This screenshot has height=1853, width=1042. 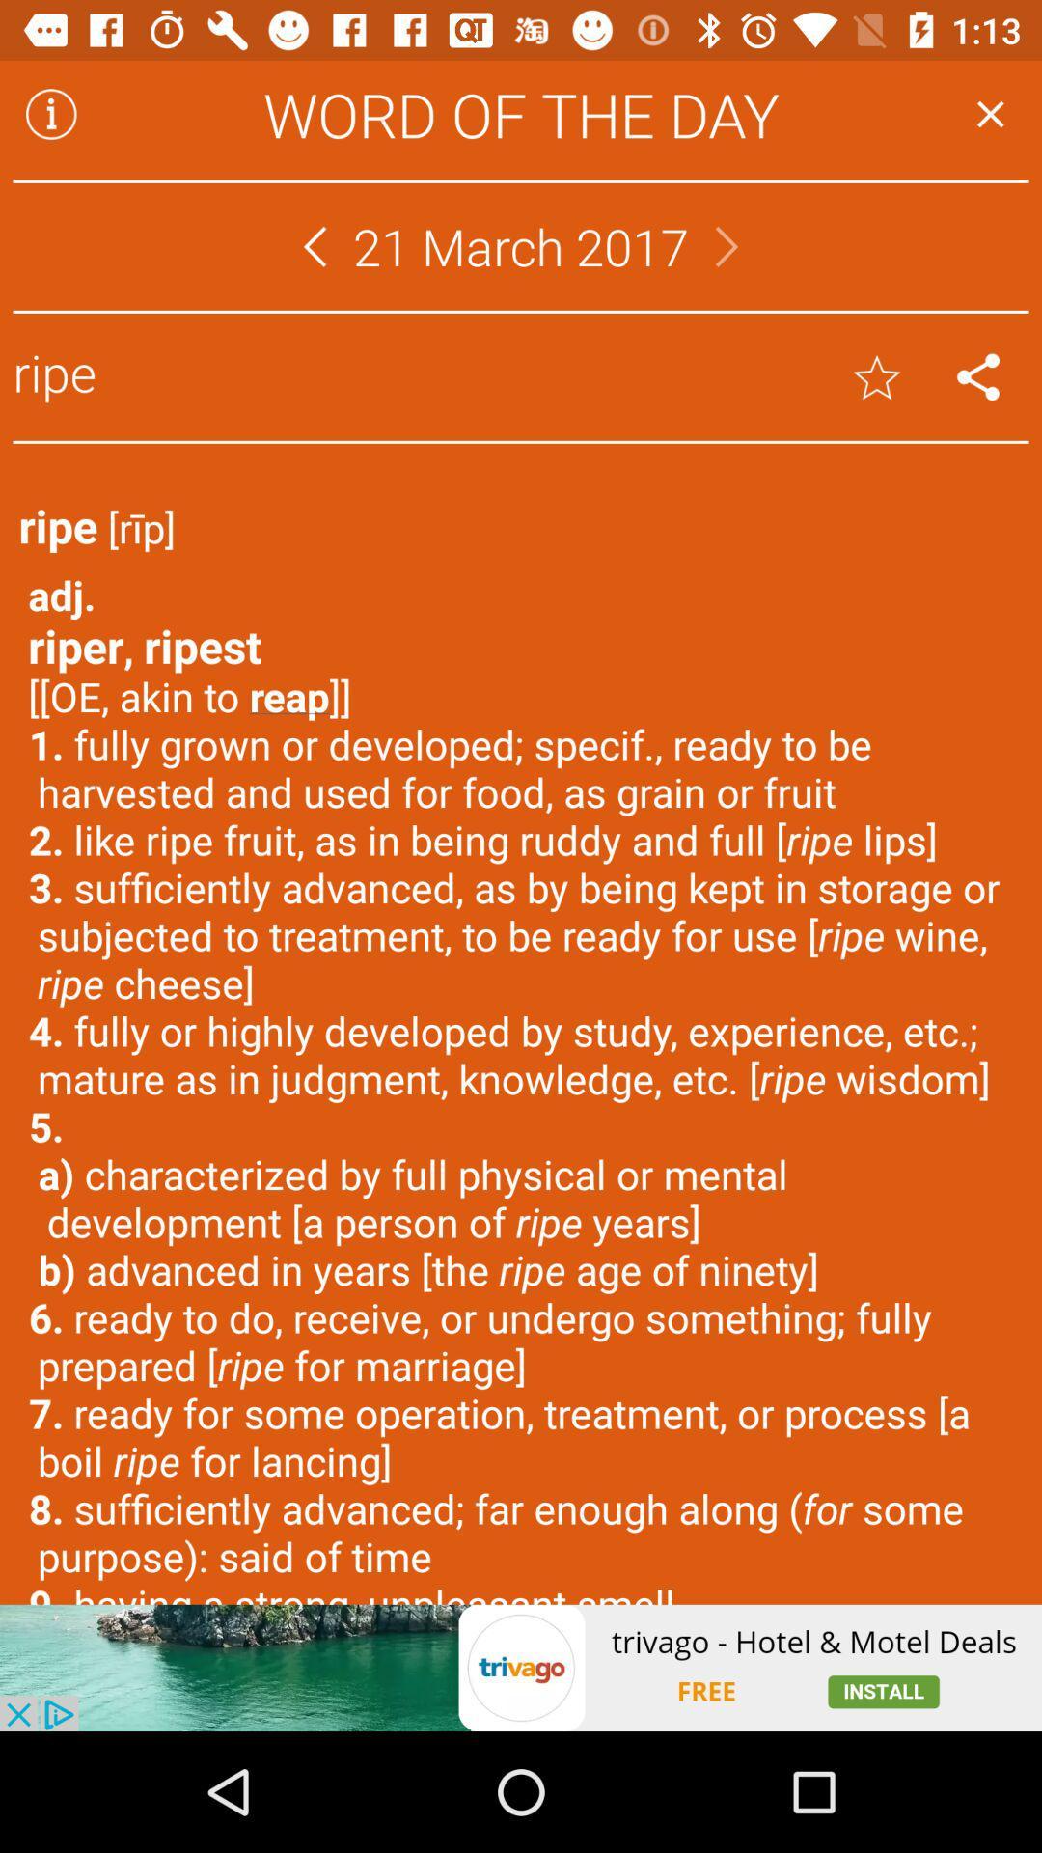 I want to click on go back, so click(x=314, y=245).